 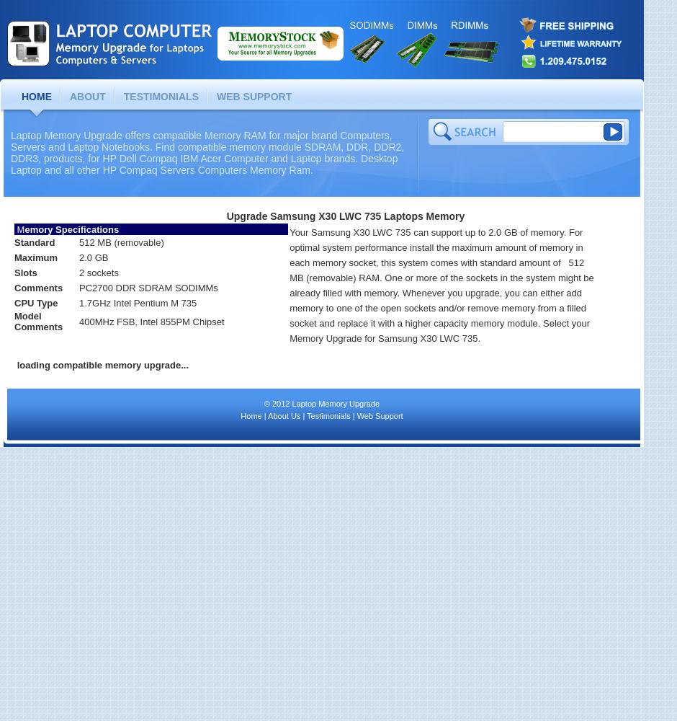 I want to click on 'Your
                                                                            Samsung X30 LWC 735 can support up to  2.0 GB of memory. For optimal
system performance install the maximum amount of memory in each memory socket, this system comes with standard amount of   512 MB (removable)  RAM. One
or more of the sockets in the system might be already filled with memory. Whenever you upgrade, you can either add memory to one of the open sockets and/or remove memory from a filled socket and replace it with a higher capacity memory module.
Select your Memory Upgrade for Samsung X30 LWC 735.', so click(x=290, y=286).